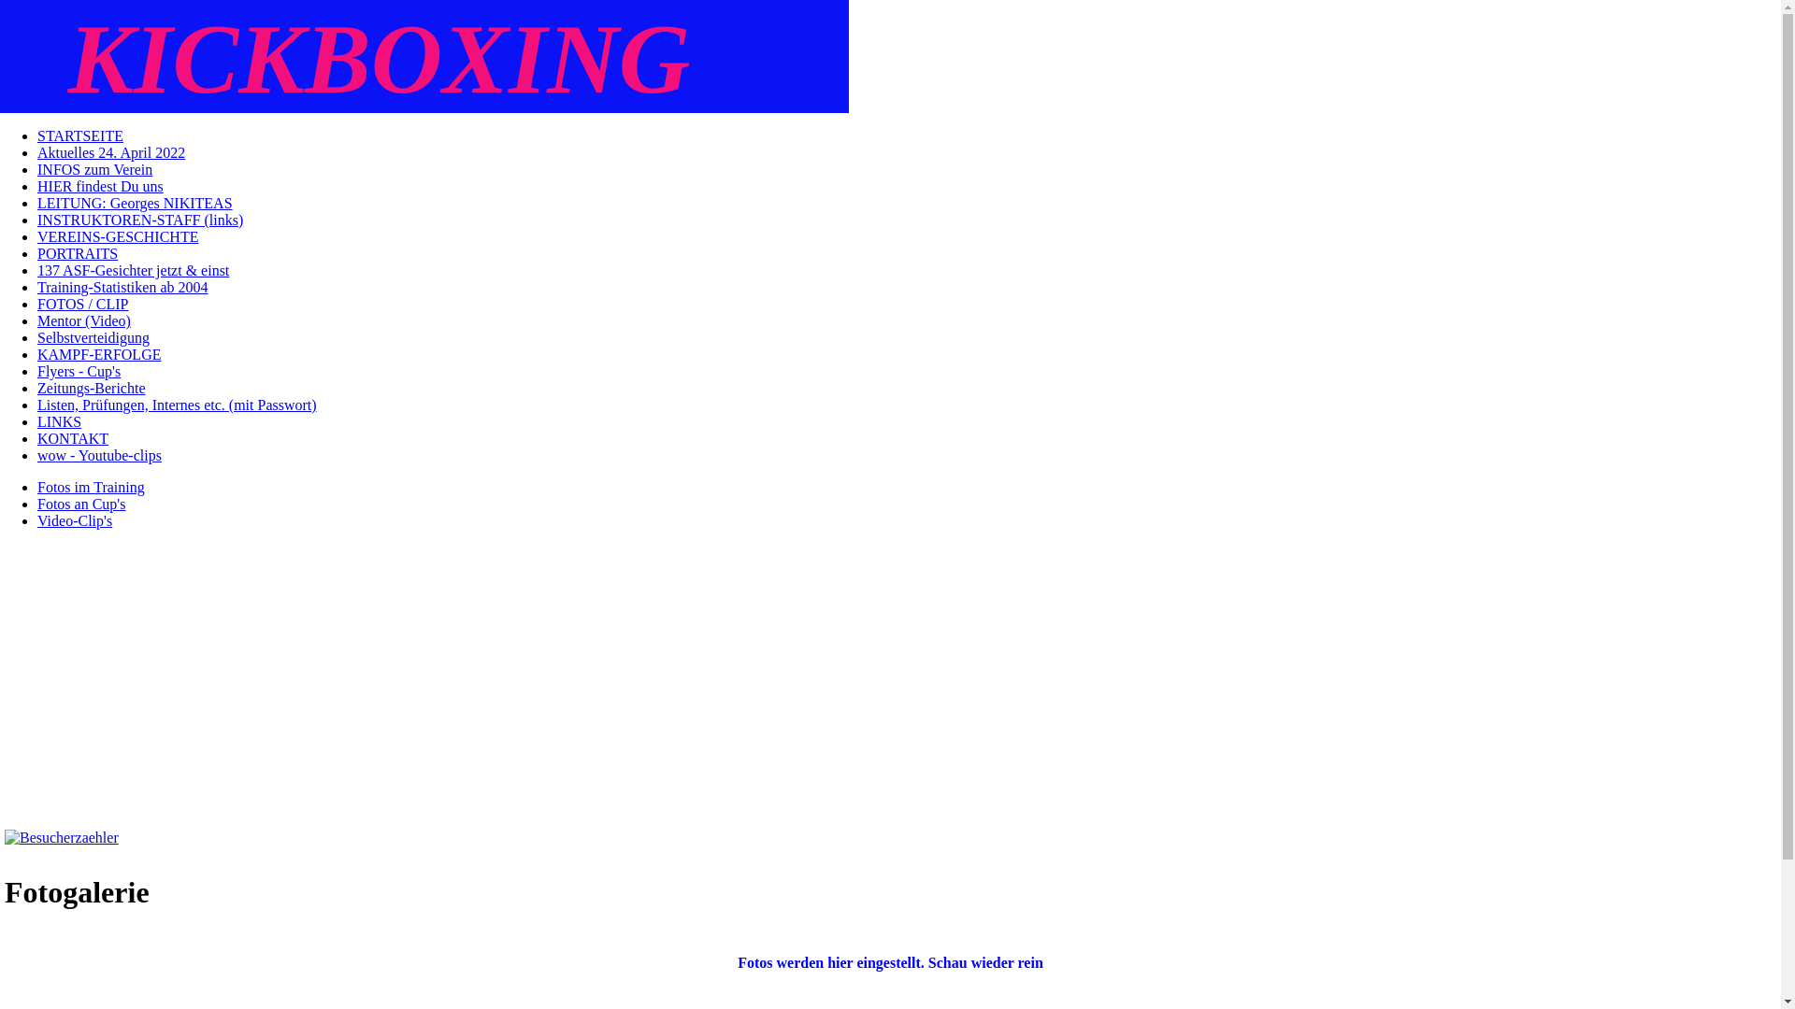  Describe the element at coordinates (138, 219) in the screenshot. I see `'INSTRUKTOREN-STAFF (links)'` at that location.